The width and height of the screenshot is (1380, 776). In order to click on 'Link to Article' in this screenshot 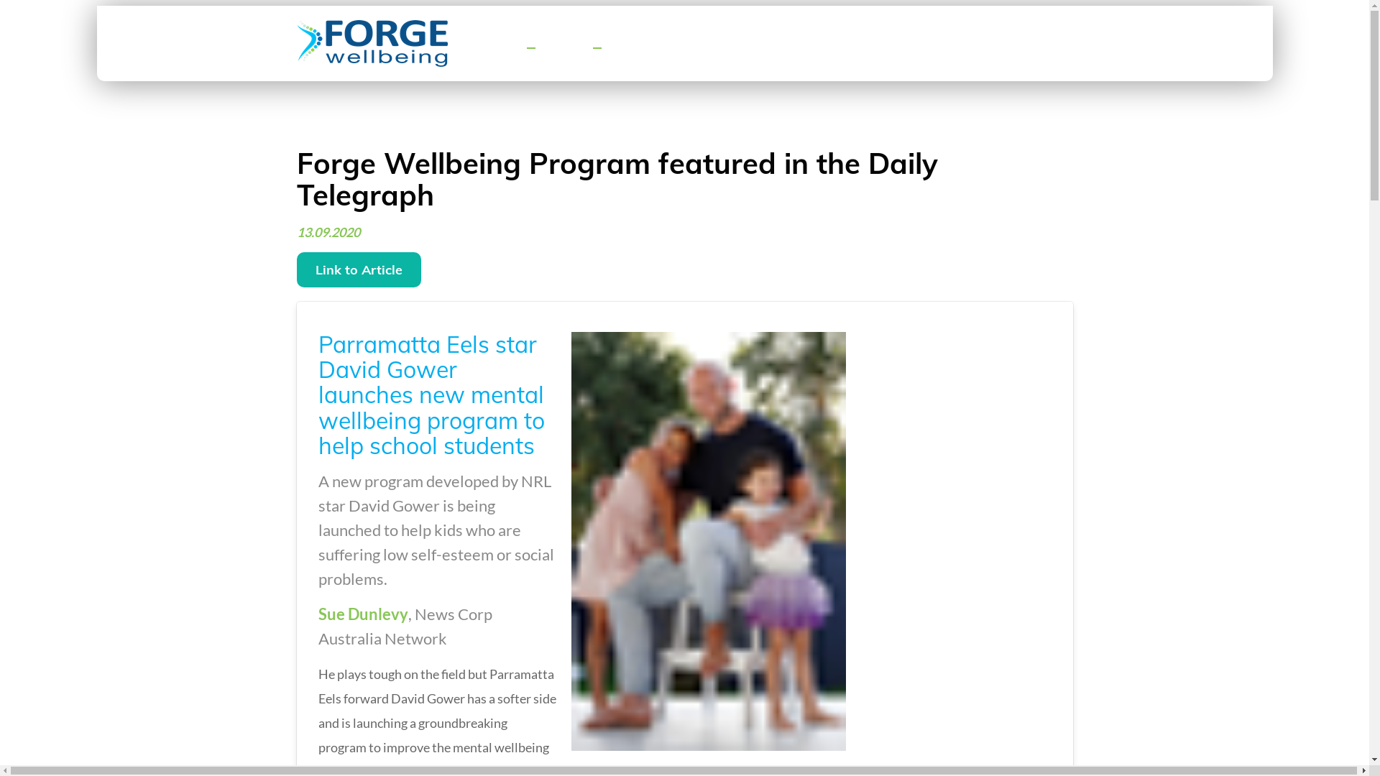, I will do `click(358, 269)`.